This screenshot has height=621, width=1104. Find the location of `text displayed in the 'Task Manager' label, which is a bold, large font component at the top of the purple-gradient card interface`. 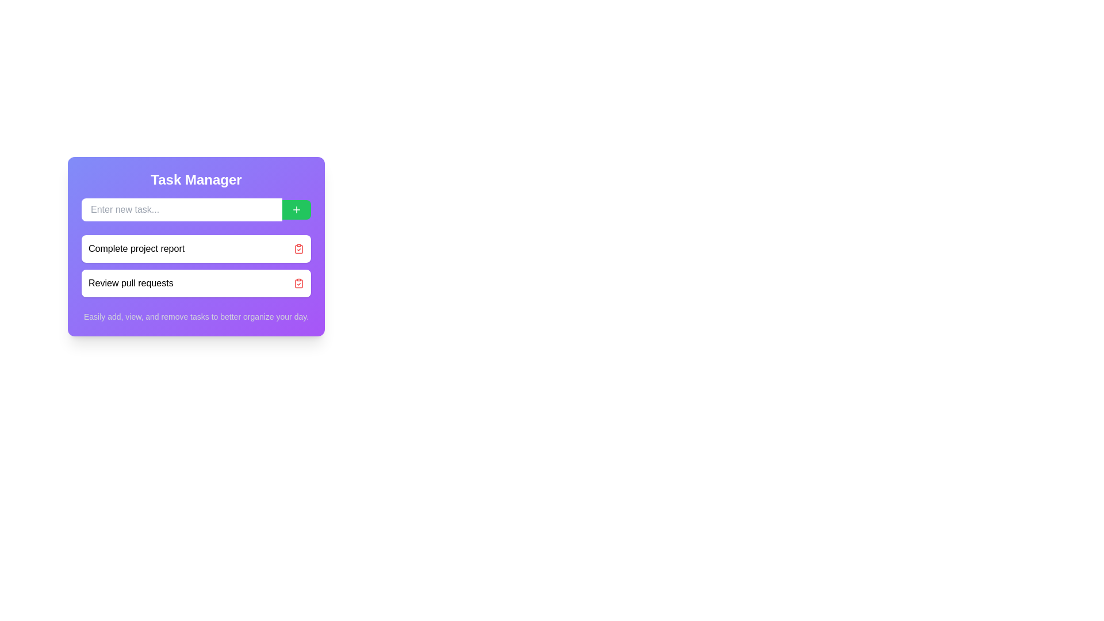

text displayed in the 'Task Manager' label, which is a bold, large font component at the top of the purple-gradient card interface is located at coordinates (196, 179).